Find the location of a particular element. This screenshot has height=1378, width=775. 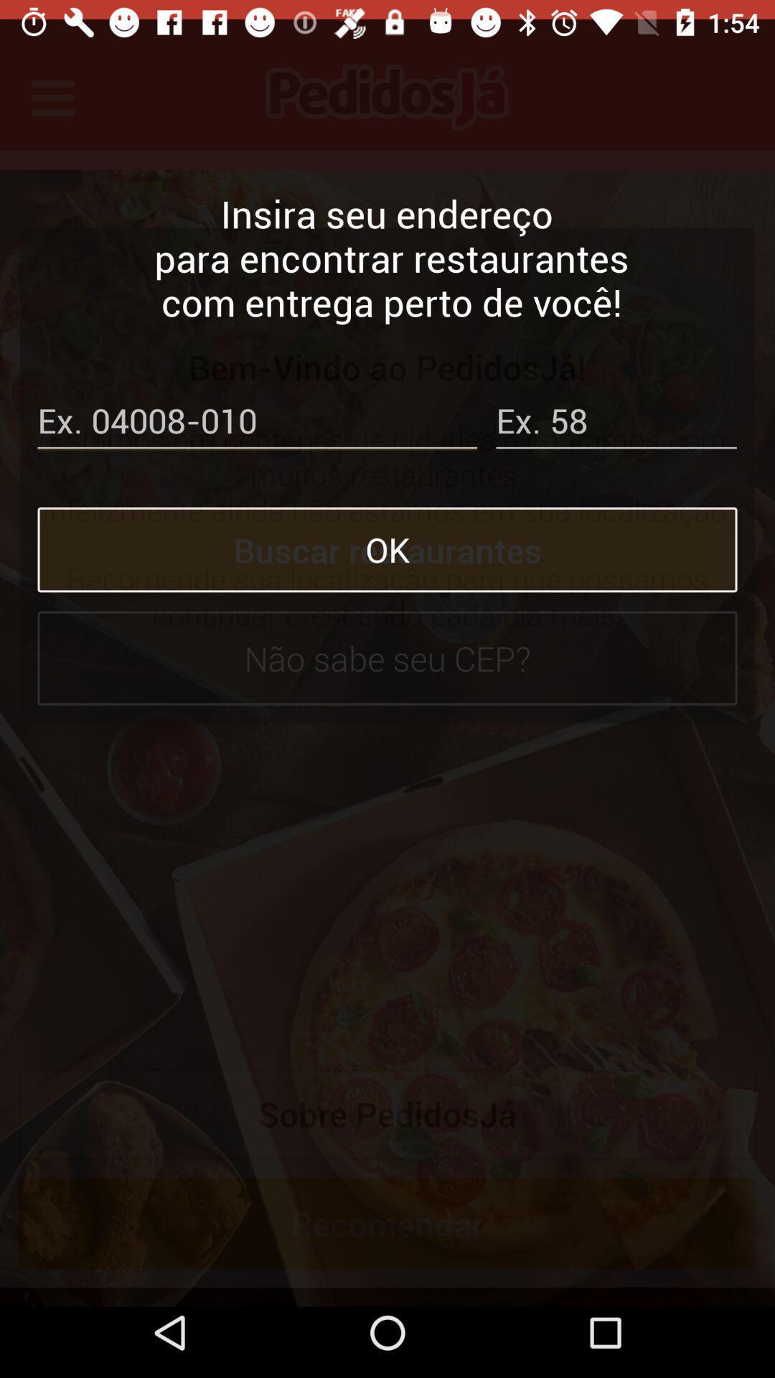

insert your street number is located at coordinates (616, 404).